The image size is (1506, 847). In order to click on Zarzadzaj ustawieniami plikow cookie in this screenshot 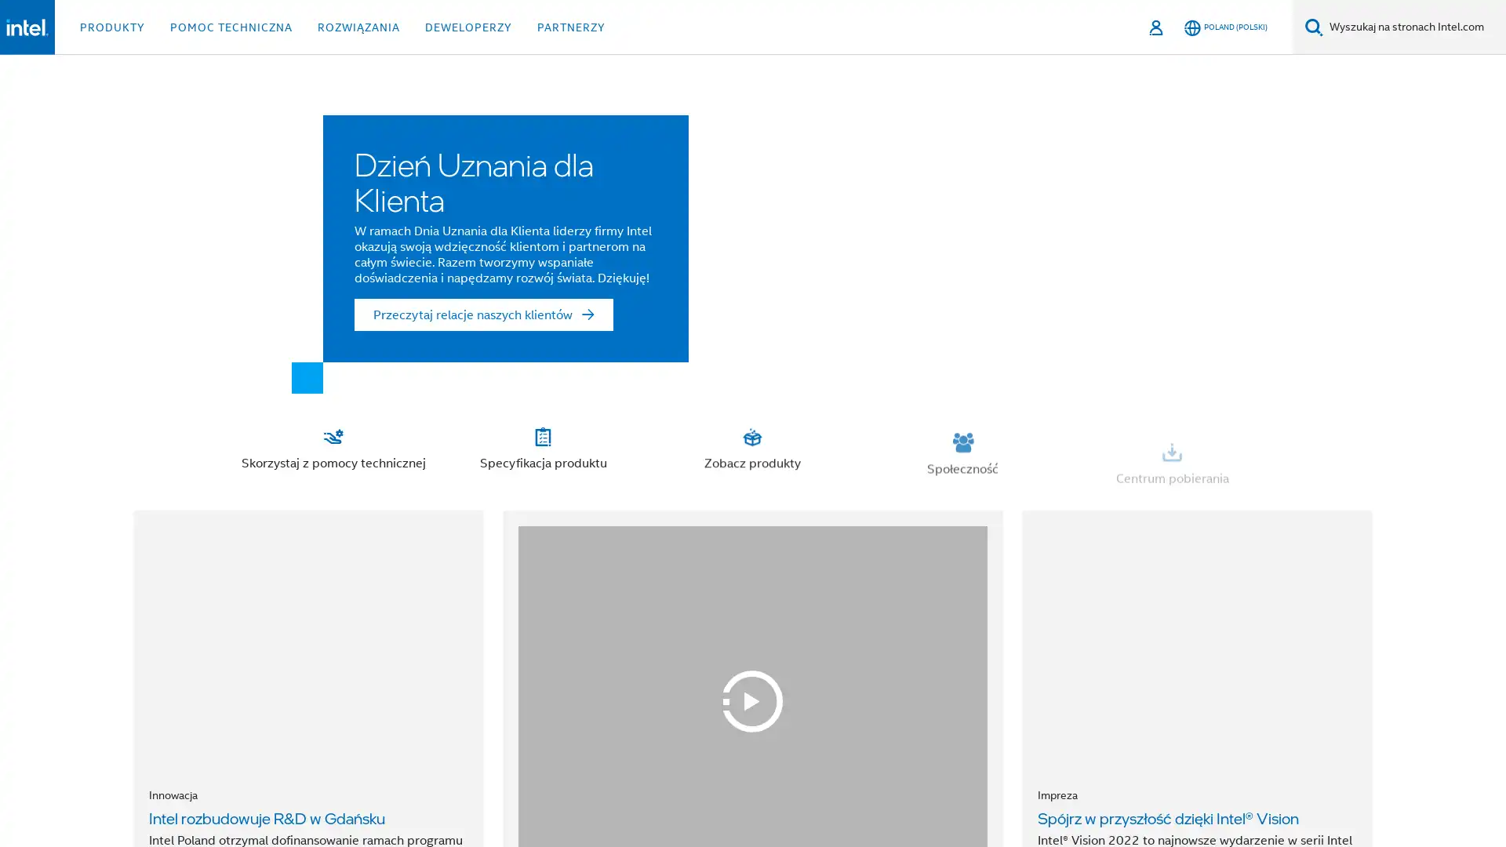, I will do `click(1205, 792)`.